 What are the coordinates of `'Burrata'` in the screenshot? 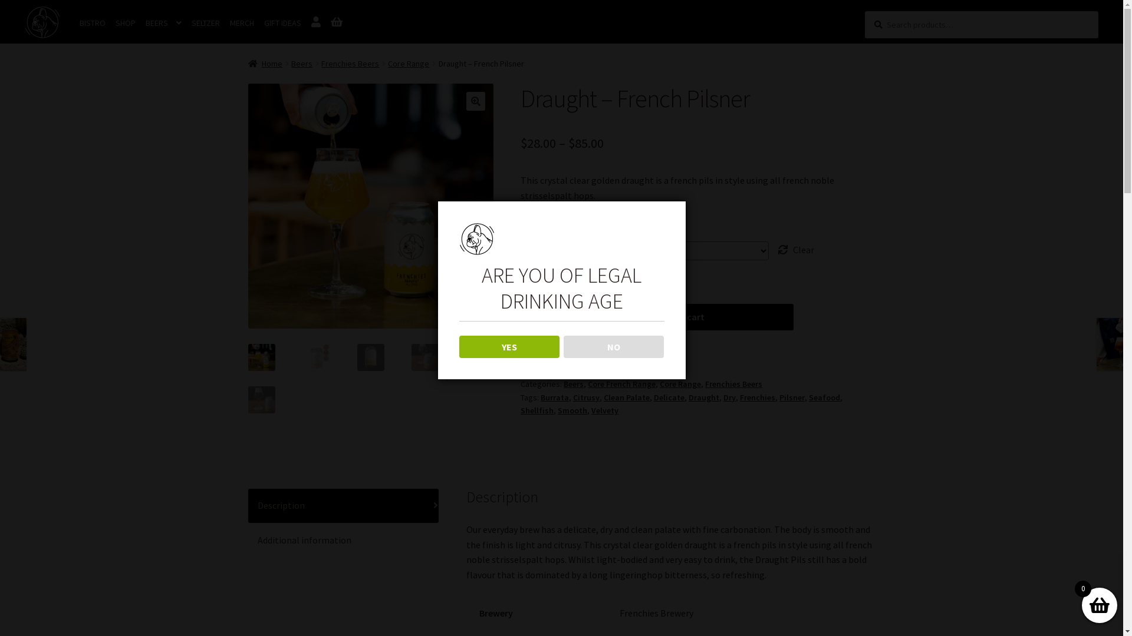 It's located at (539, 397).